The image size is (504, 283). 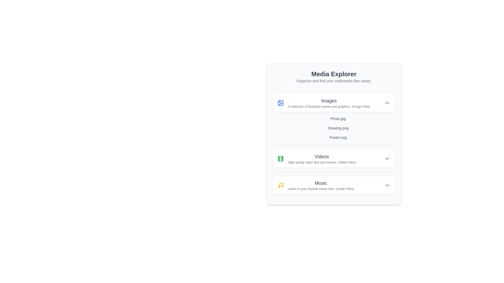 I want to click on on the 'Music' button with expandable functionality, which features a yellow musical note icon and is located in the 'Media Explorer' section, so click(x=334, y=185).